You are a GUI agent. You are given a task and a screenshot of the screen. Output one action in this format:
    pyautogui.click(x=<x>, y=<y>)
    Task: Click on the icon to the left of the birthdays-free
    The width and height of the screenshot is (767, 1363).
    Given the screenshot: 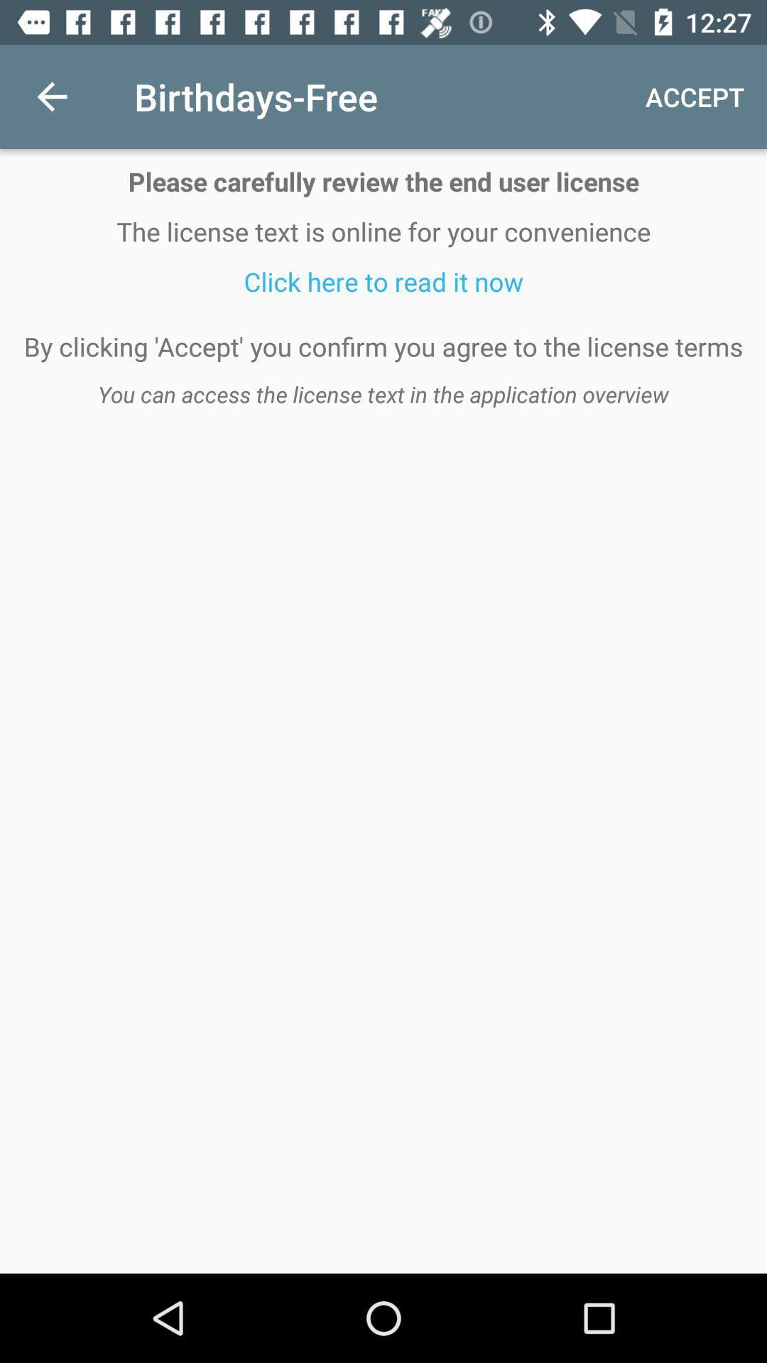 What is the action you would take?
    pyautogui.click(x=51, y=96)
    